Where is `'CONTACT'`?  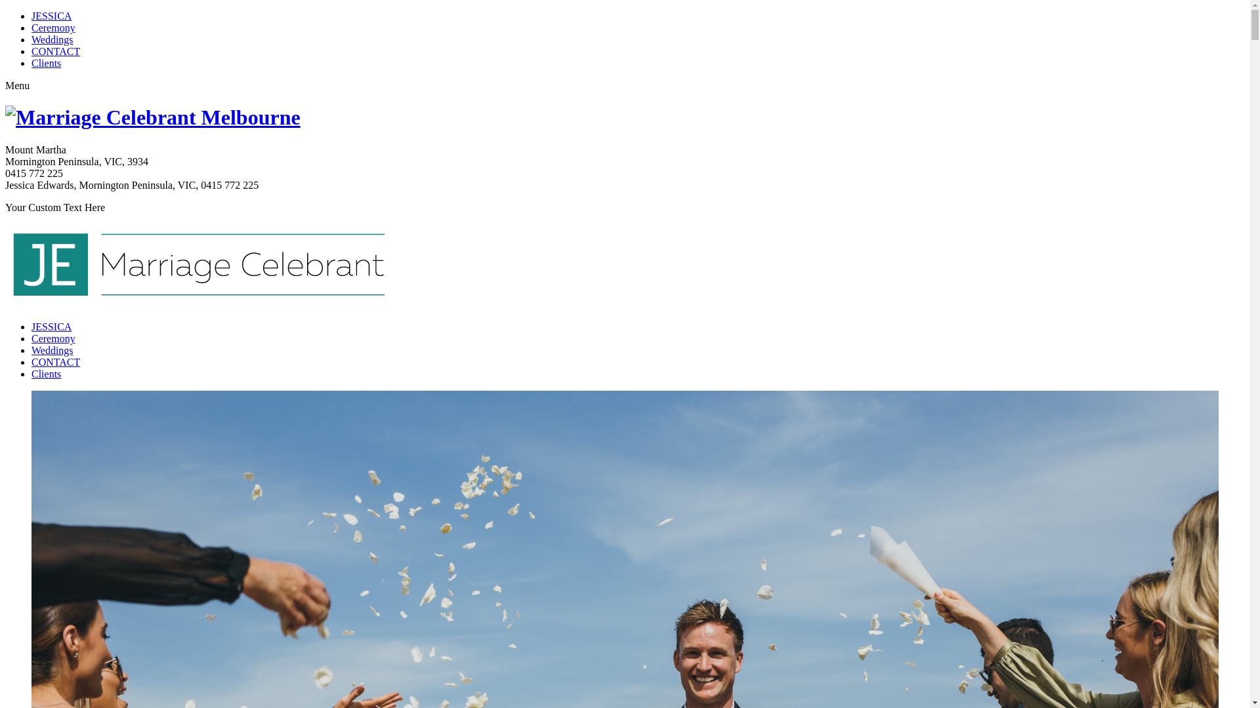
'CONTACT' is located at coordinates (55, 362).